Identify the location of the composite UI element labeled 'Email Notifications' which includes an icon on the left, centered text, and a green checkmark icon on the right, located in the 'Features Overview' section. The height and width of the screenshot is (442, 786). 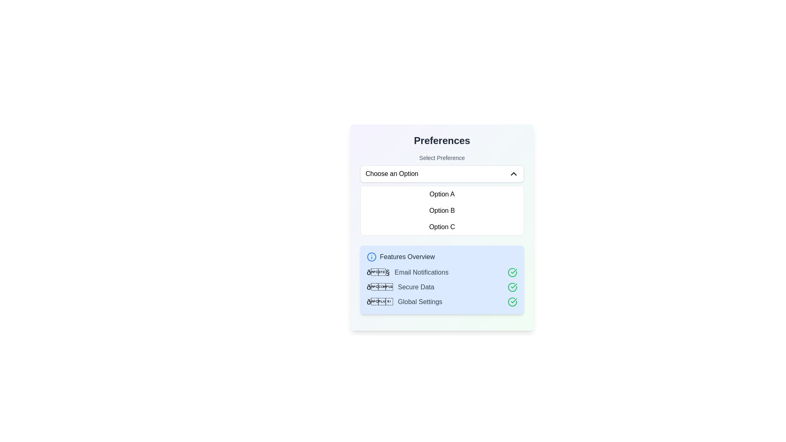
(442, 273).